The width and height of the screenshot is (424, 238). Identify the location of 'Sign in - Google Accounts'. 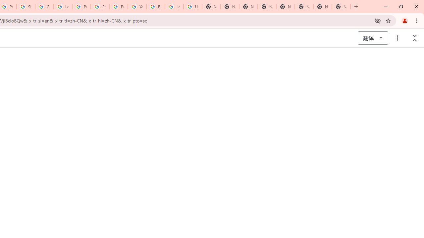
(26, 7).